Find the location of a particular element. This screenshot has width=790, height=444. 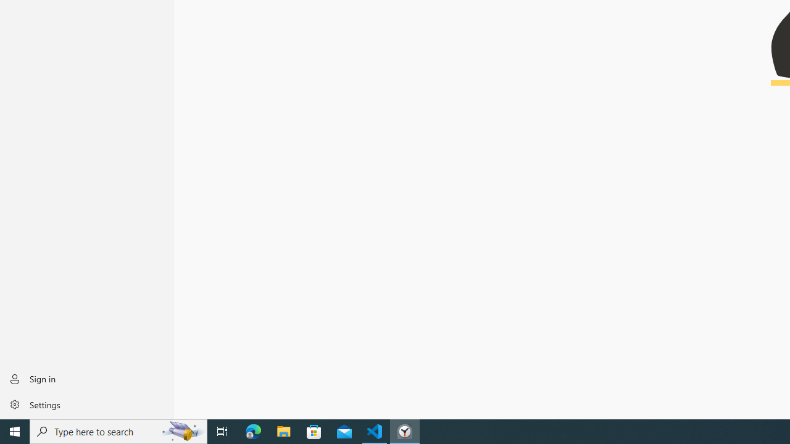

'Settings' is located at coordinates (86, 404).